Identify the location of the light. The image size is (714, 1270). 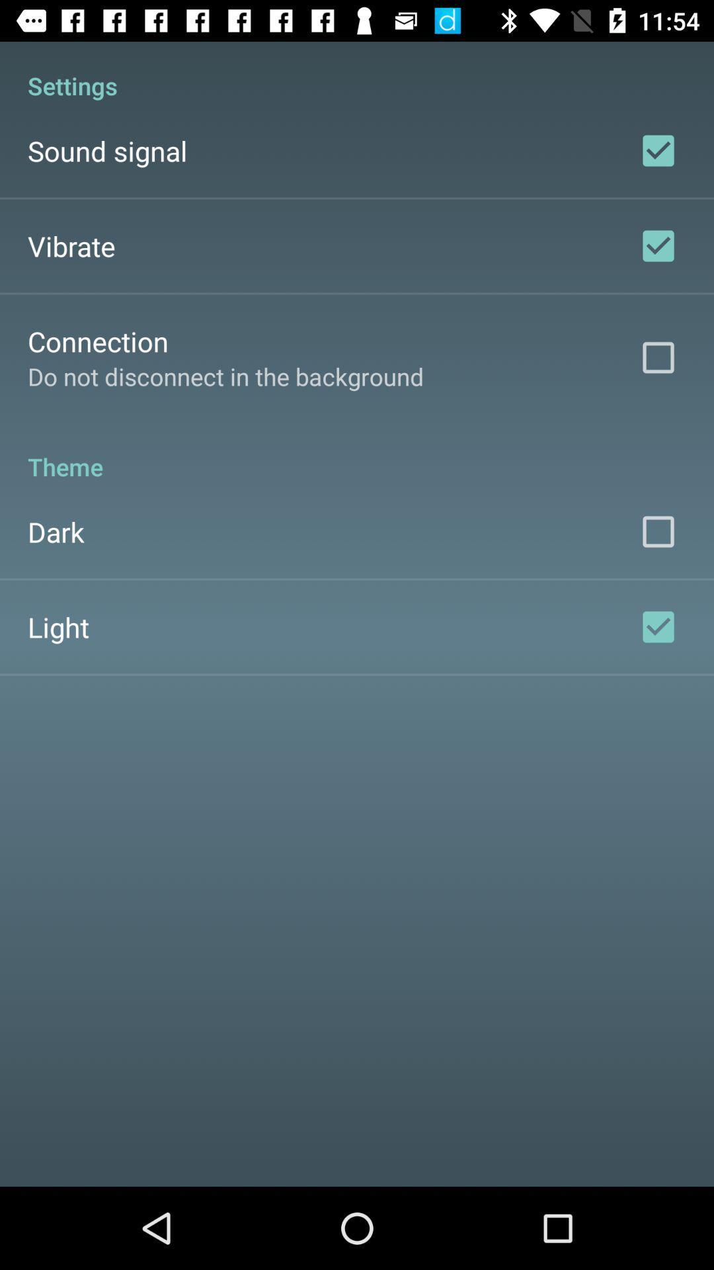
(58, 626).